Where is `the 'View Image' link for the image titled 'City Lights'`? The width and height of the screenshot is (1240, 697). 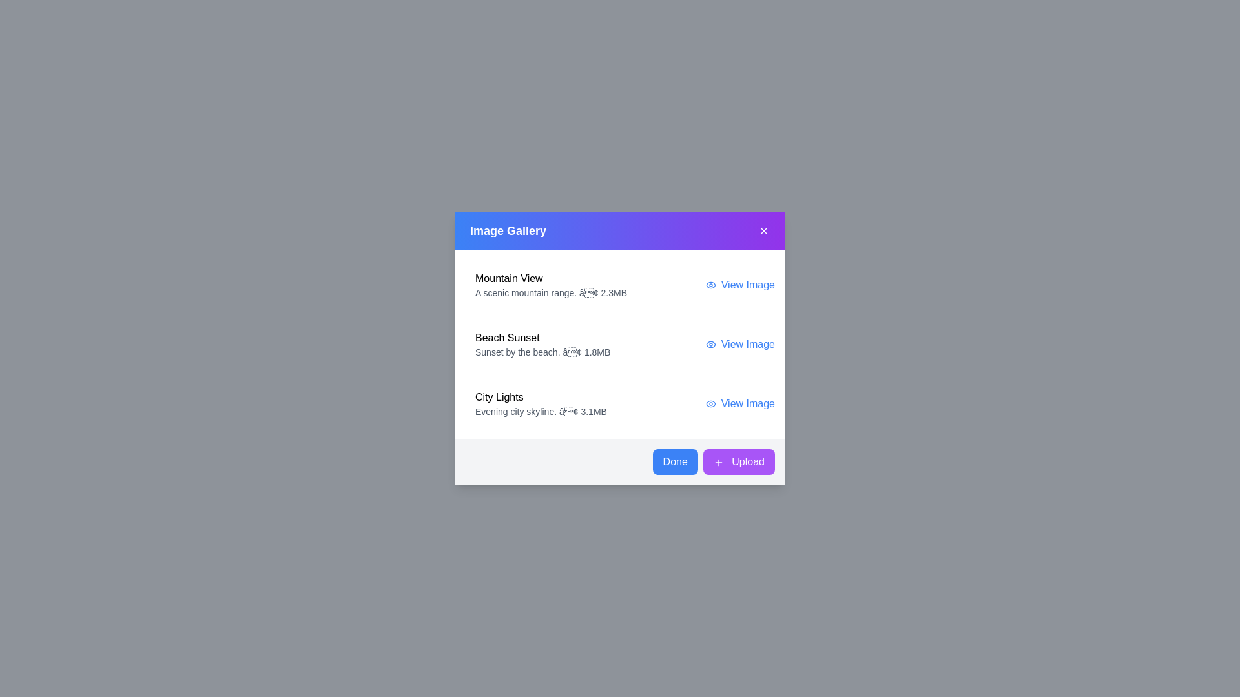
the 'View Image' link for the image titled 'City Lights' is located at coordinates (740, 403).